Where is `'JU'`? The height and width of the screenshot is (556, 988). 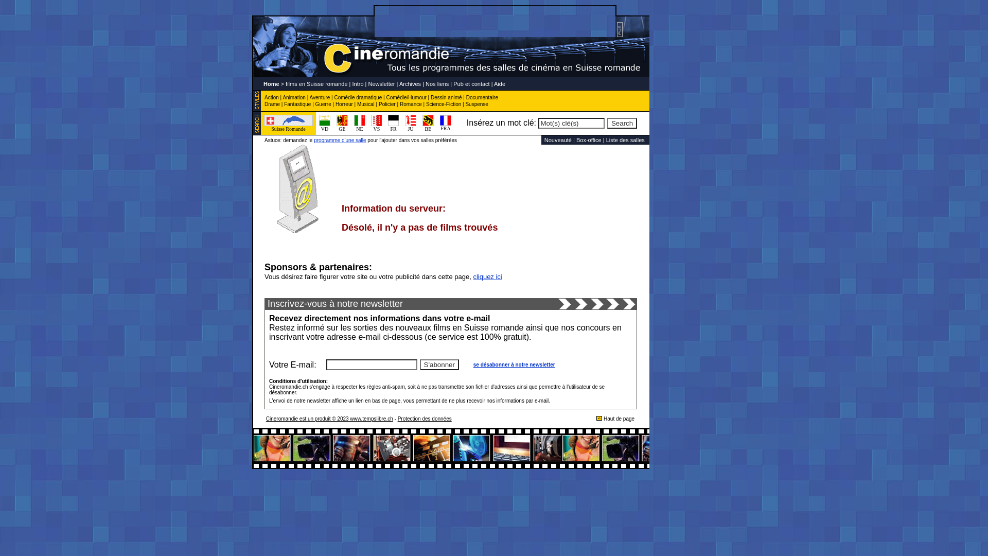
'JU' is located at coordinates (410, 126).